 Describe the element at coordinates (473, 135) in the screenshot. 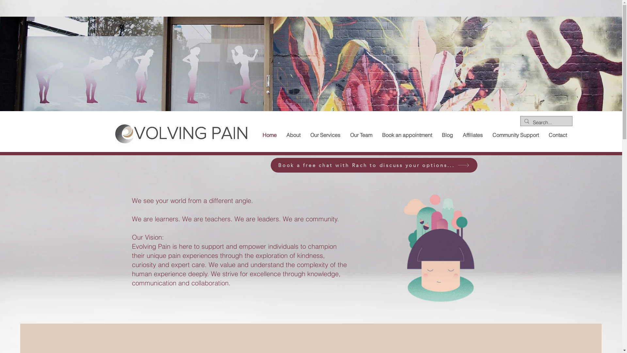

I see `'Affiliates'` at that location.